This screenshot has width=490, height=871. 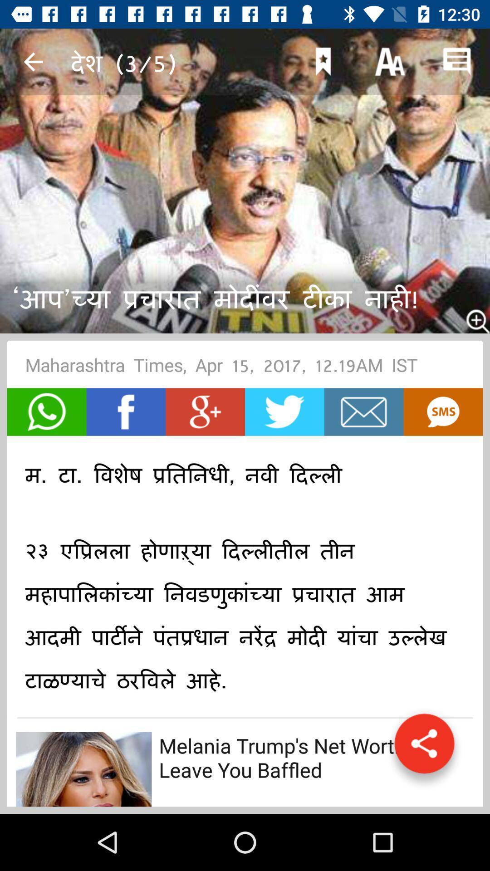 What do you see at coordinates (363, 411) in the screenshot?
I see `open mail` at bounding box center [363, 411].